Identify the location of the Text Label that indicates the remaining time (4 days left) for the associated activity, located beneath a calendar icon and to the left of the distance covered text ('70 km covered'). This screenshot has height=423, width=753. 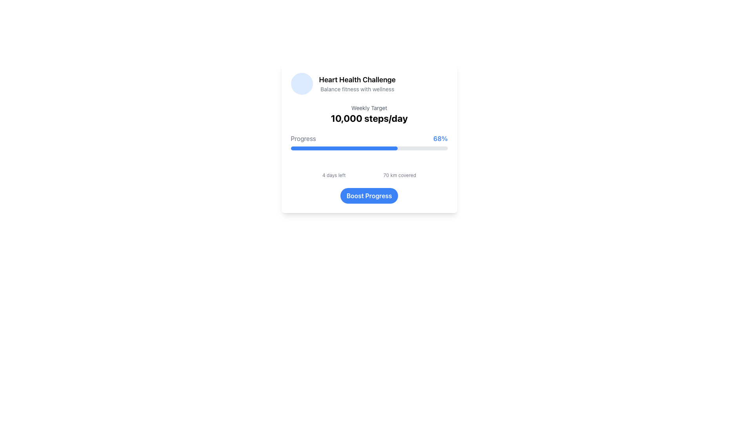
(334, 175).